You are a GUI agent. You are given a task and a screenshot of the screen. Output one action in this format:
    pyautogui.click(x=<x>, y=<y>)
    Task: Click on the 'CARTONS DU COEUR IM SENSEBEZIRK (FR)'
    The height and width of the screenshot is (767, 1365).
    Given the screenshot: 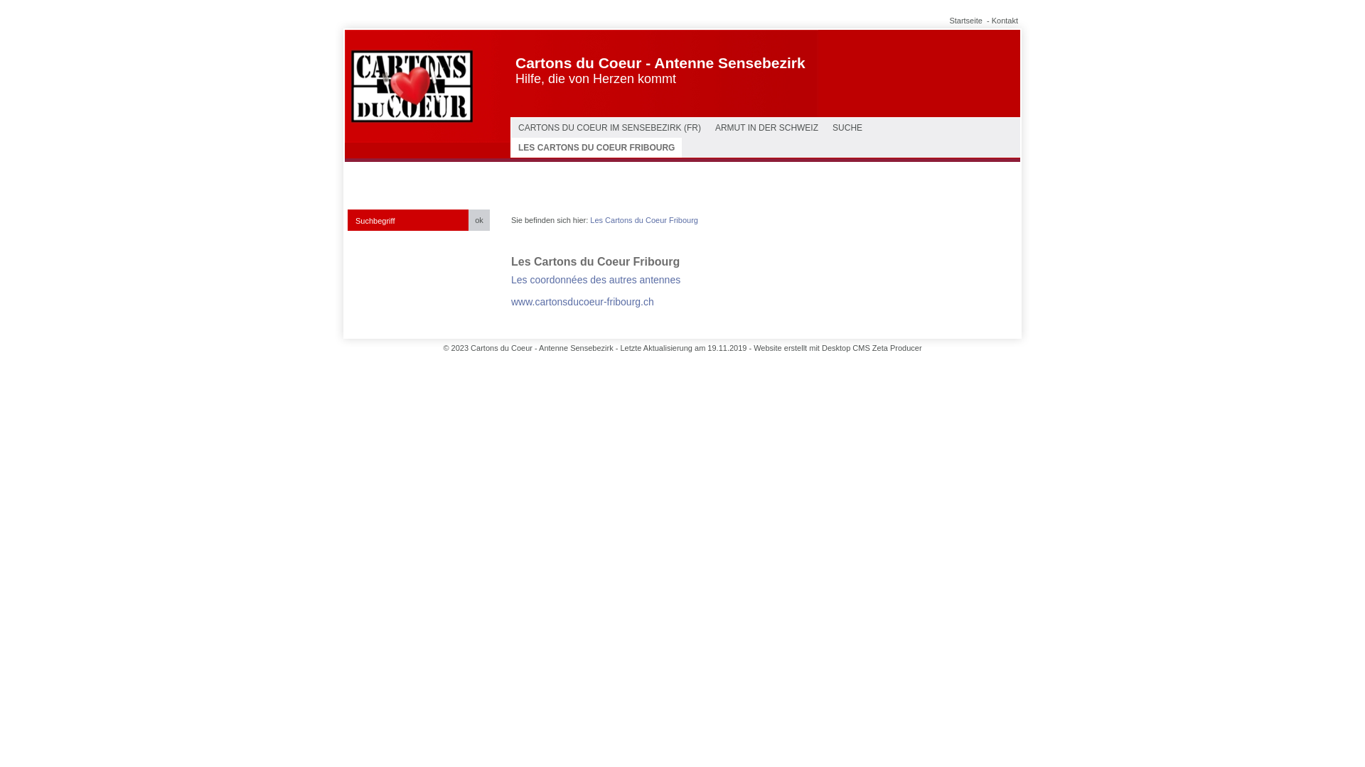 What is the action you would take?
    pyautogui.click(x=609, y=128)
    